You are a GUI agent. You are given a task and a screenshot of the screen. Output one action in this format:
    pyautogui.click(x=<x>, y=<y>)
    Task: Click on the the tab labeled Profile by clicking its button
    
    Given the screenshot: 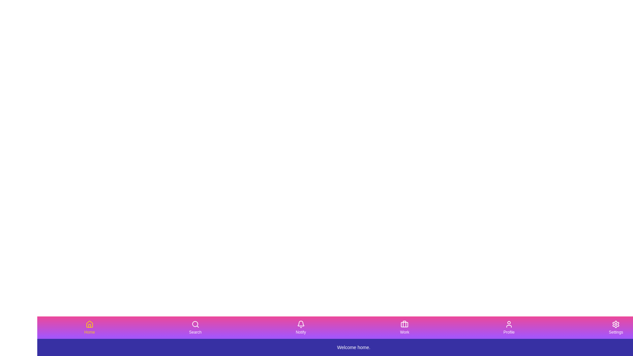 What is the action you would take?
    pyautogui.click(x=509, y=328)
    